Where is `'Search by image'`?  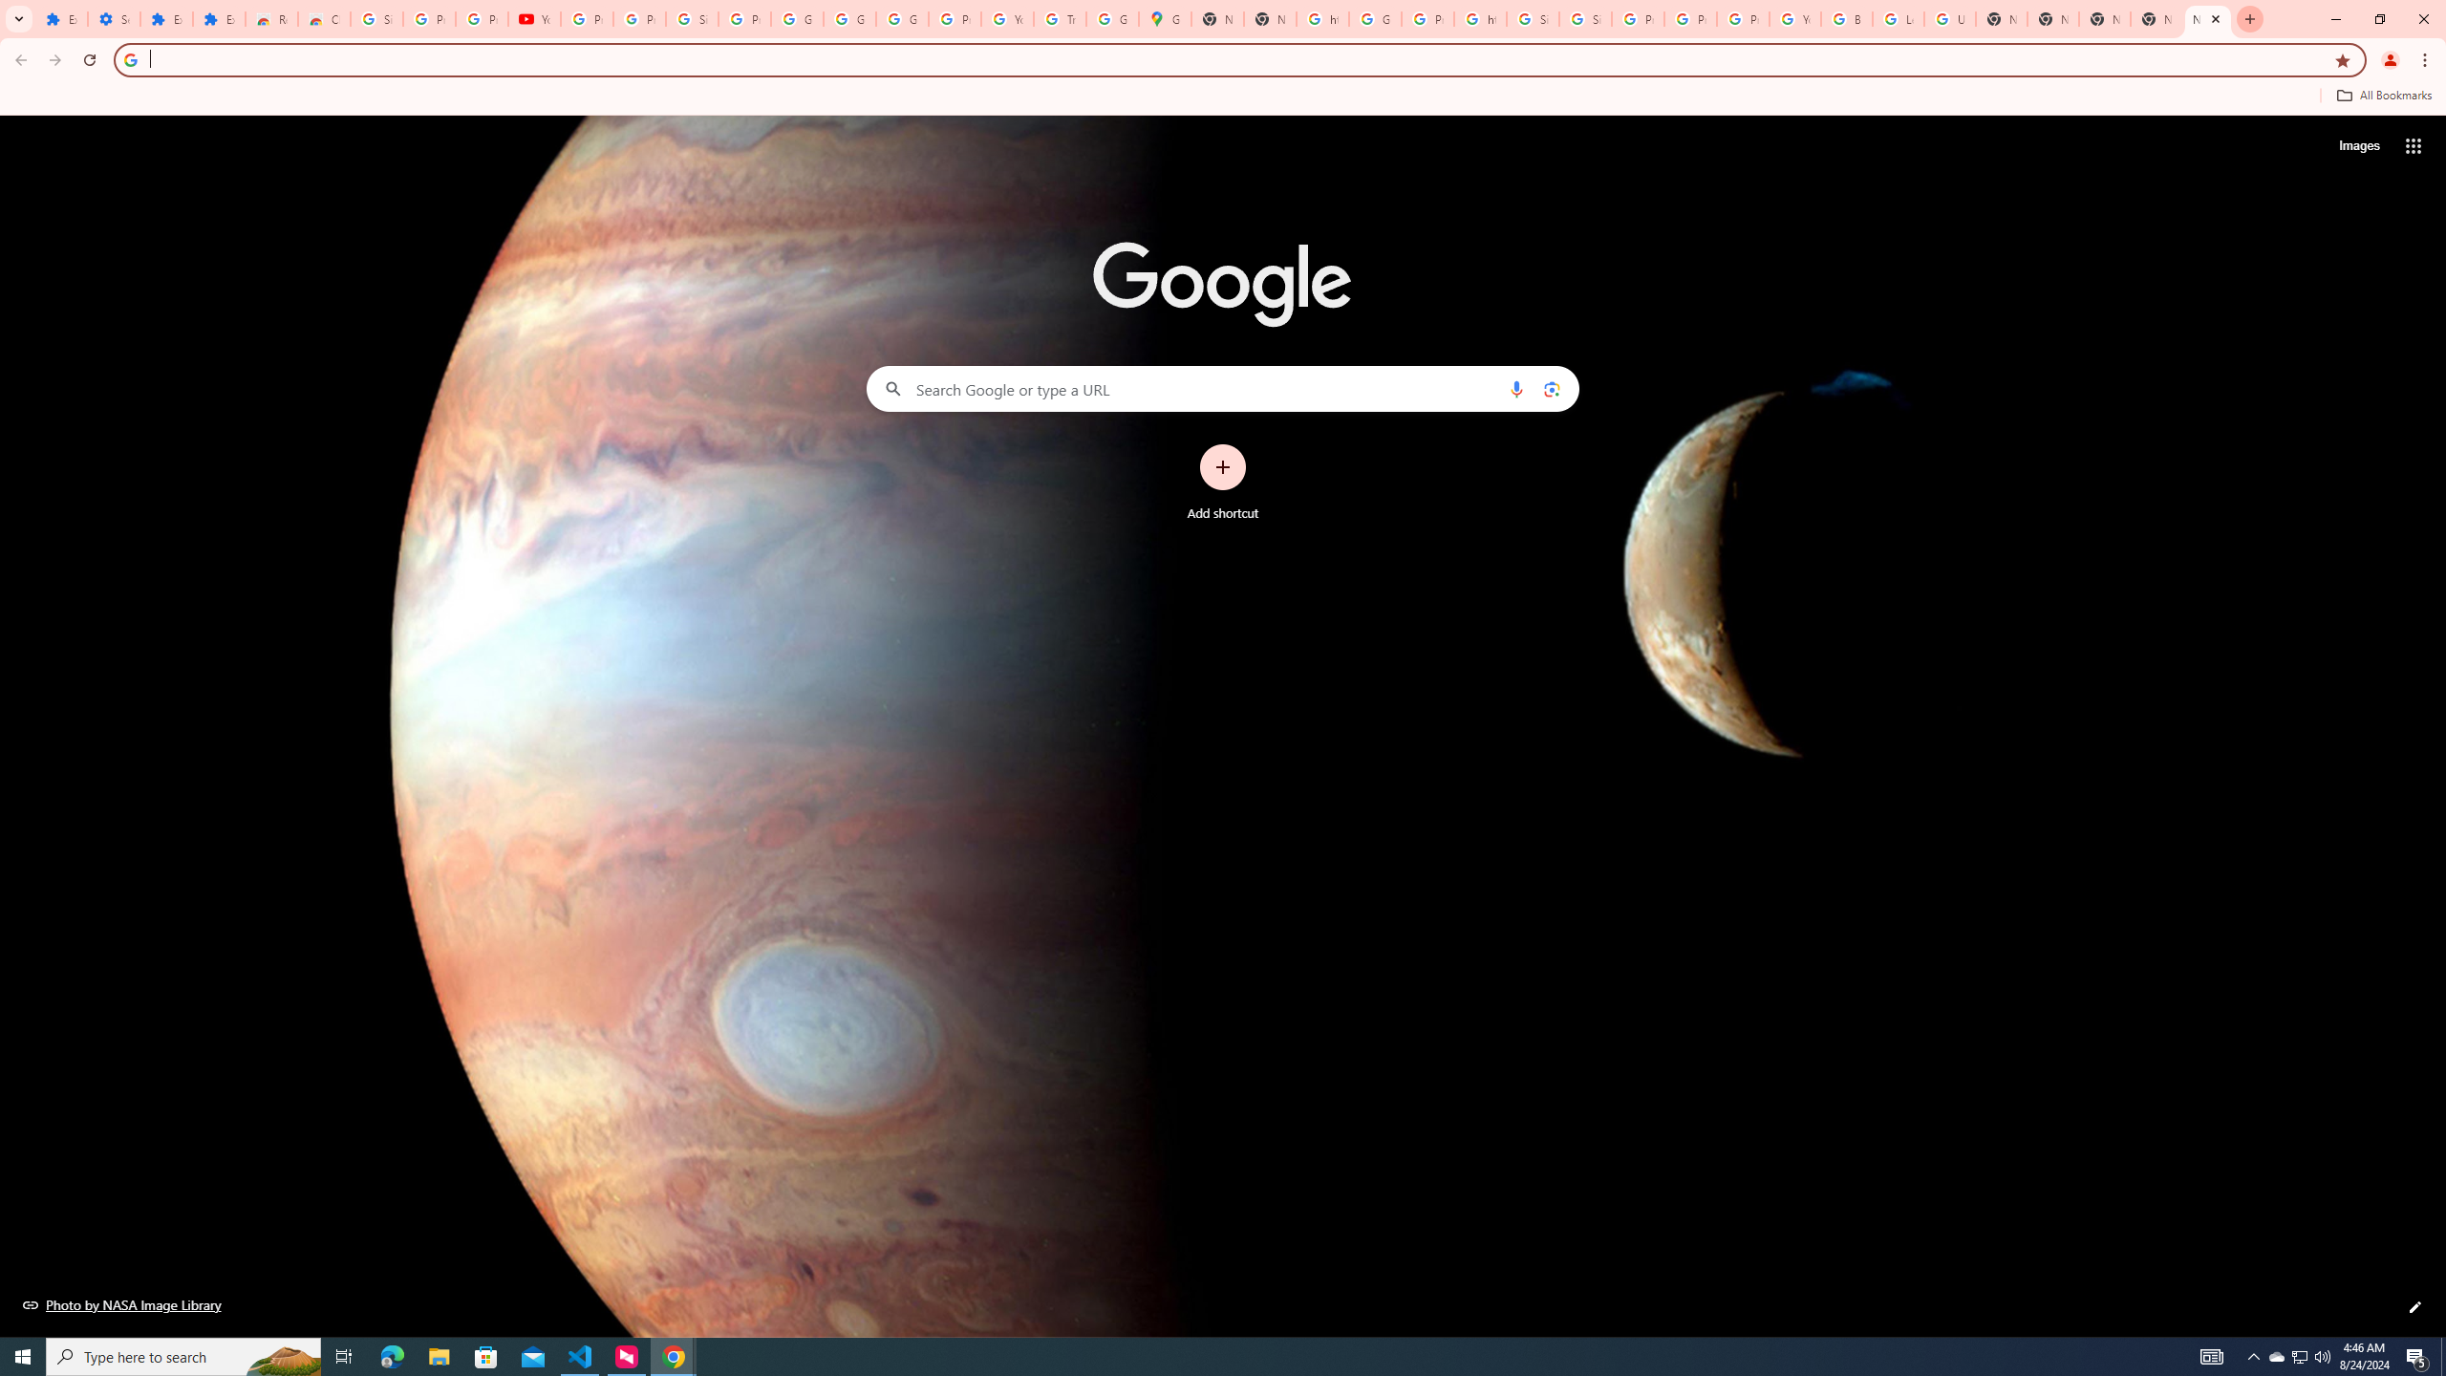 'Search by image' is located at coordinates (1550, 387).